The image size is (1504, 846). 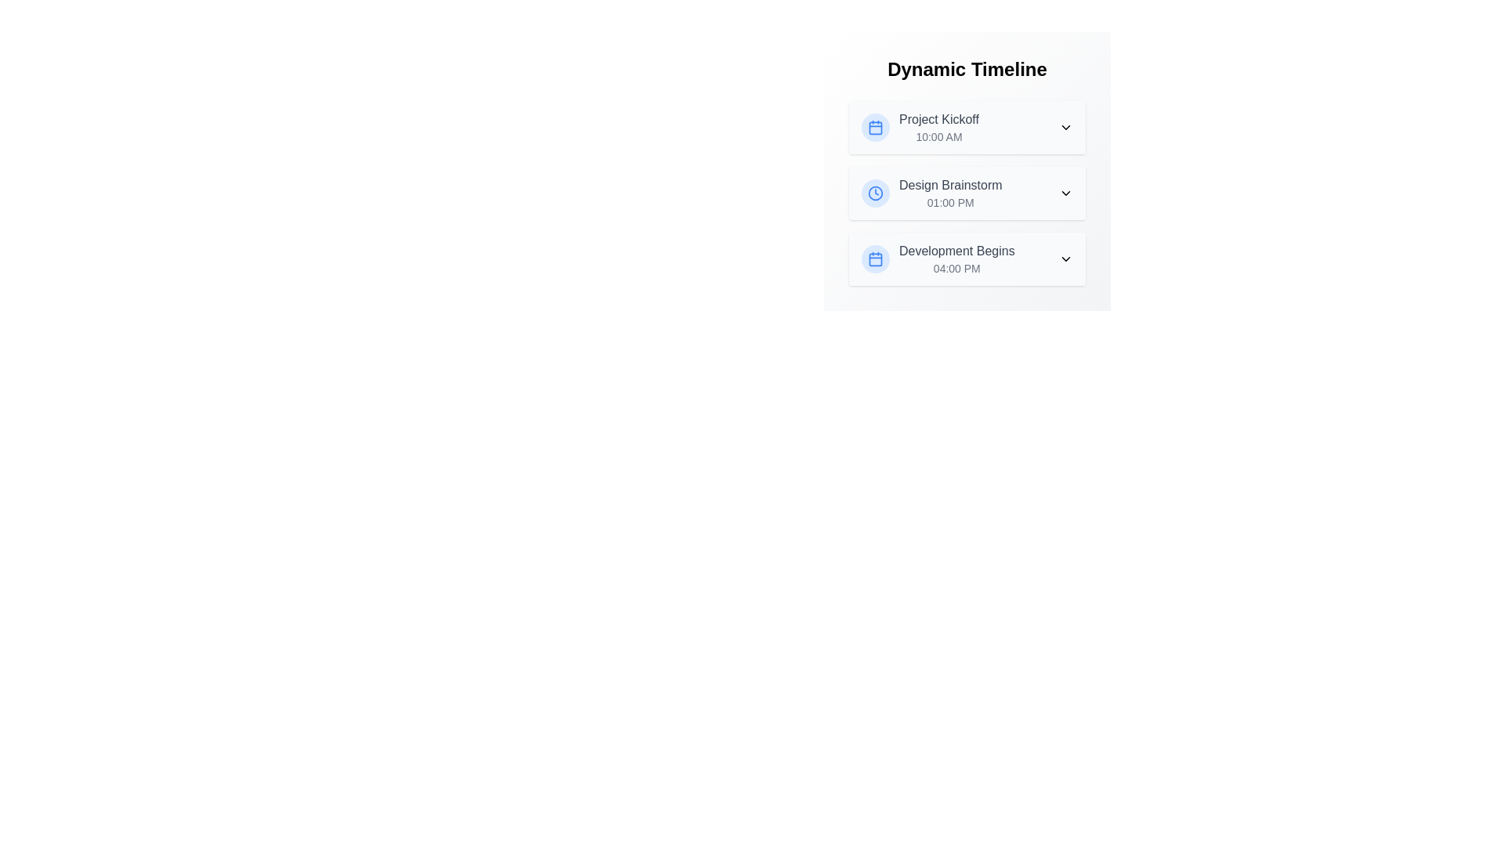 What do you see at coordinates (938, 258) in the screenshot?
I see `the list item entry in the third row of the dynamic timeline` at bounding box center [938, 258].